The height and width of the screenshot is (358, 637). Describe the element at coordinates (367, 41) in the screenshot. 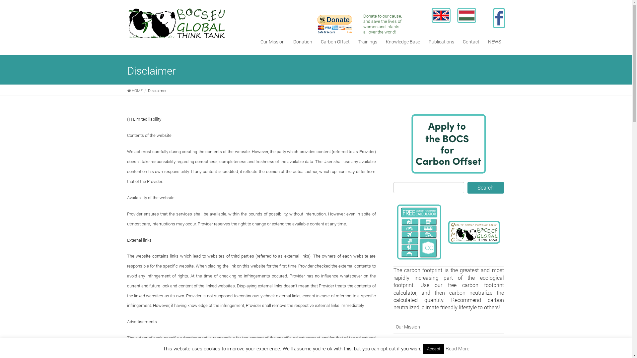

I see `'Trainings'` at that location.